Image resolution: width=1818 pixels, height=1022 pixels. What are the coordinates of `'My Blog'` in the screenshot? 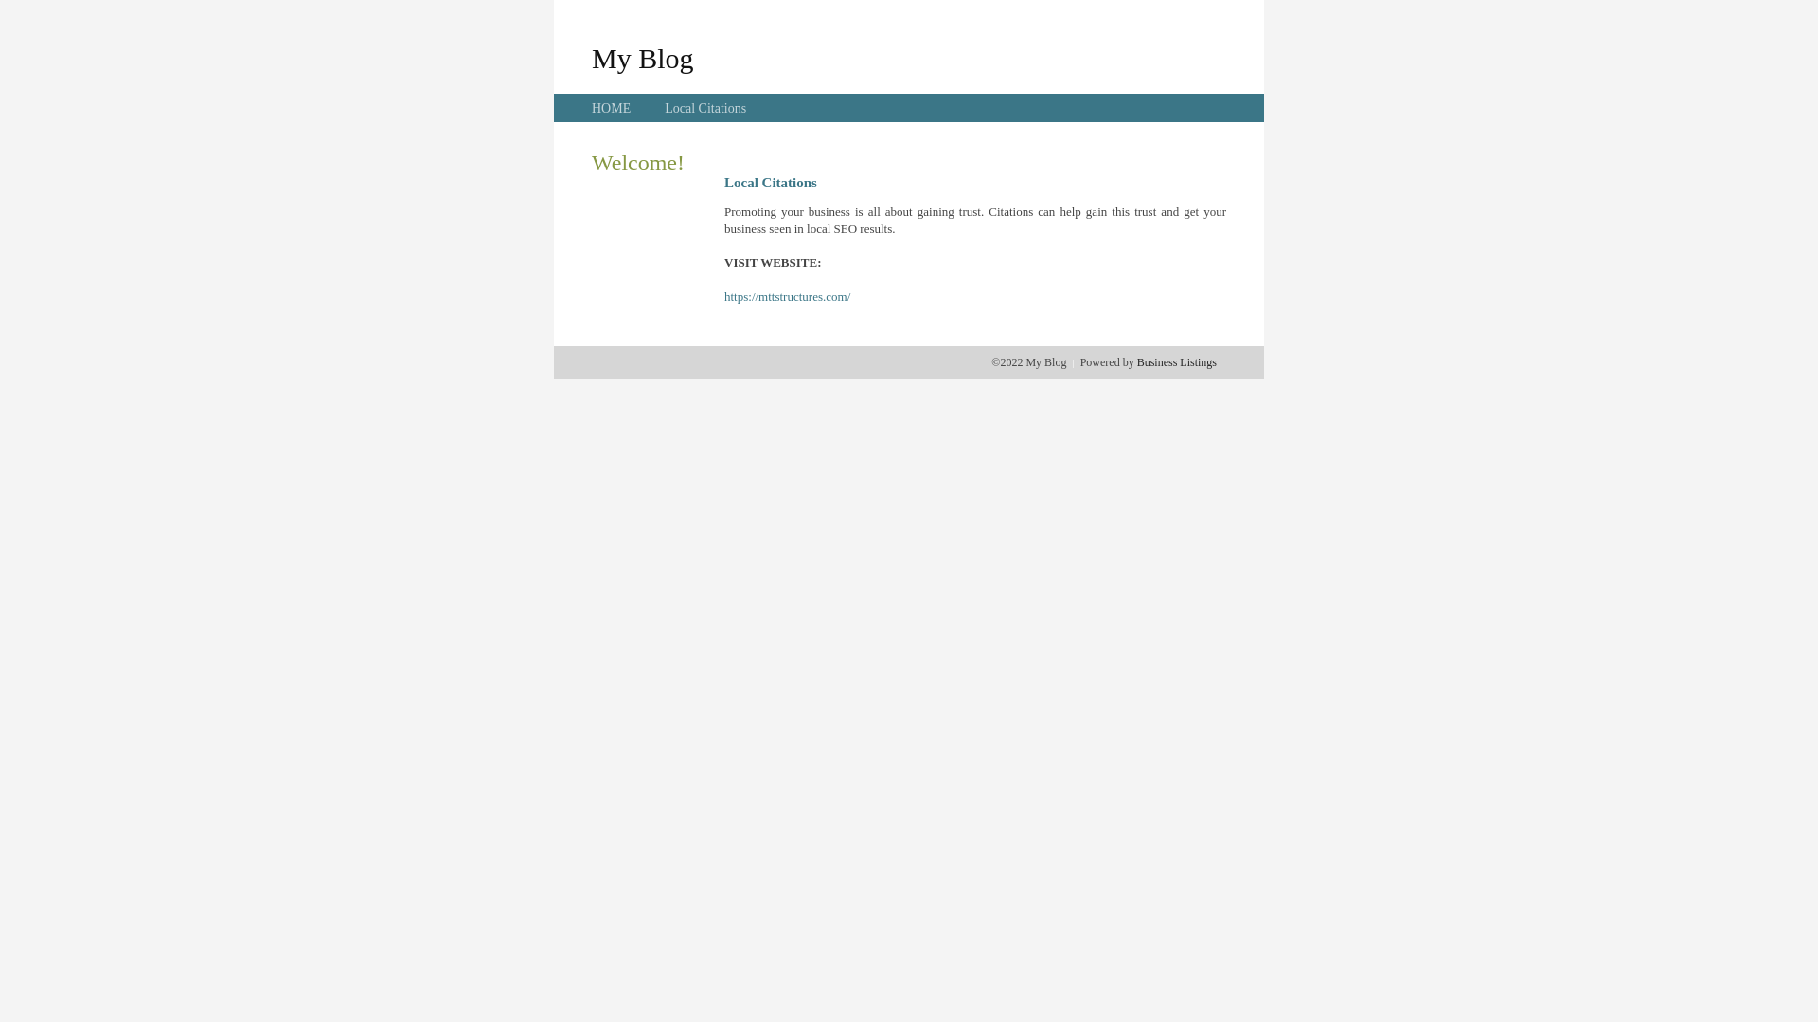 It's located at (642, 57).